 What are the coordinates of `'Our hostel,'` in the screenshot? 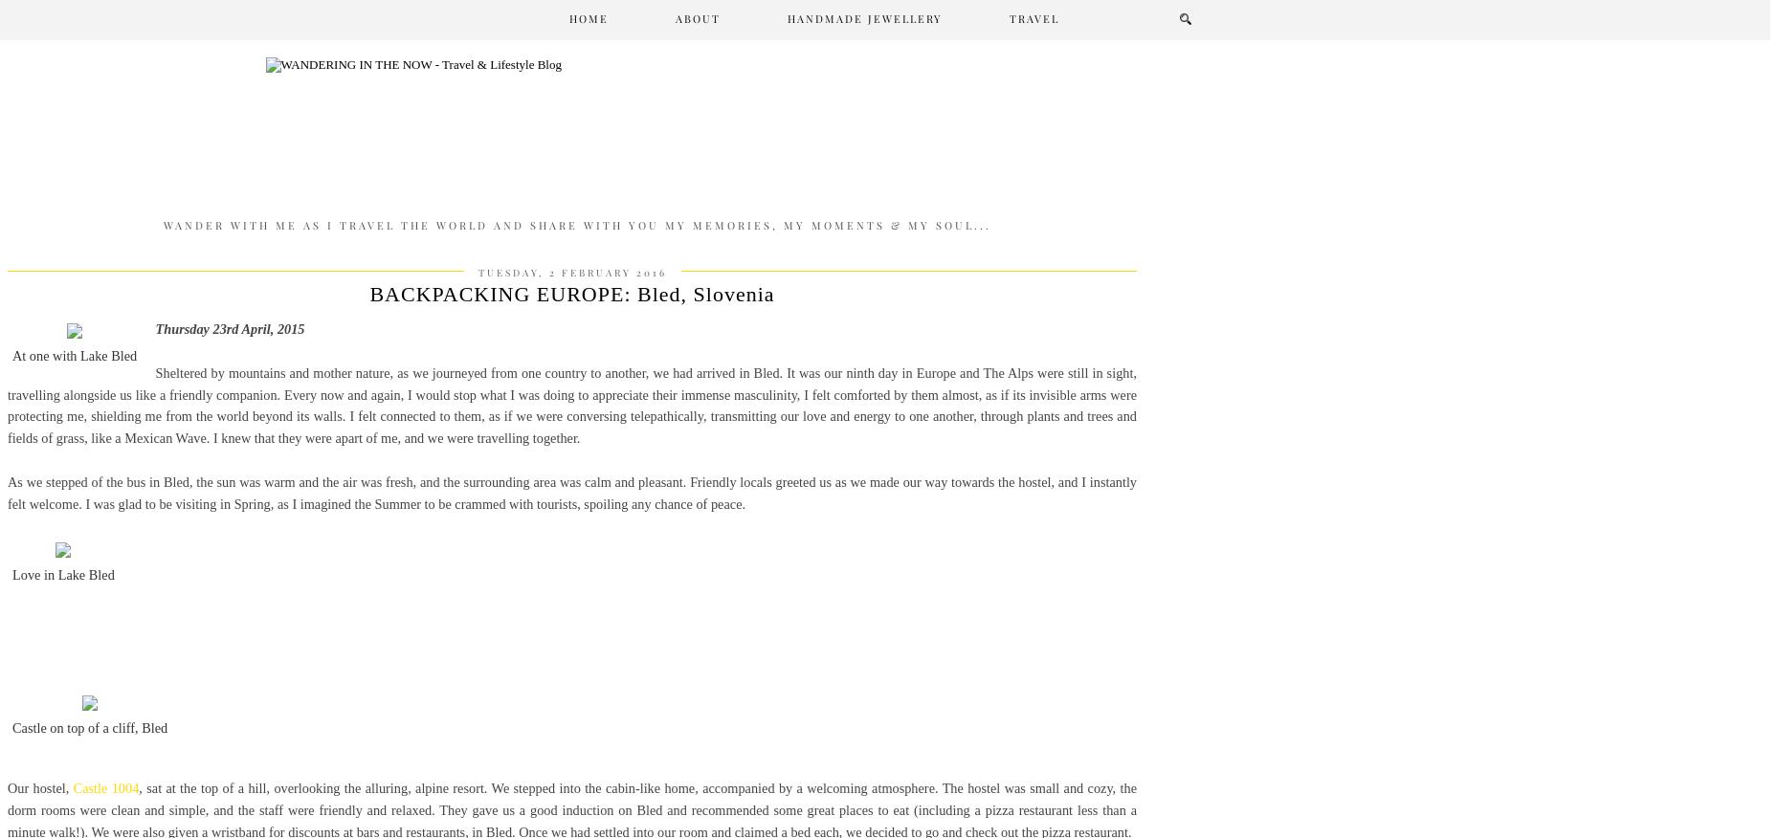 It's located at (38, 787).